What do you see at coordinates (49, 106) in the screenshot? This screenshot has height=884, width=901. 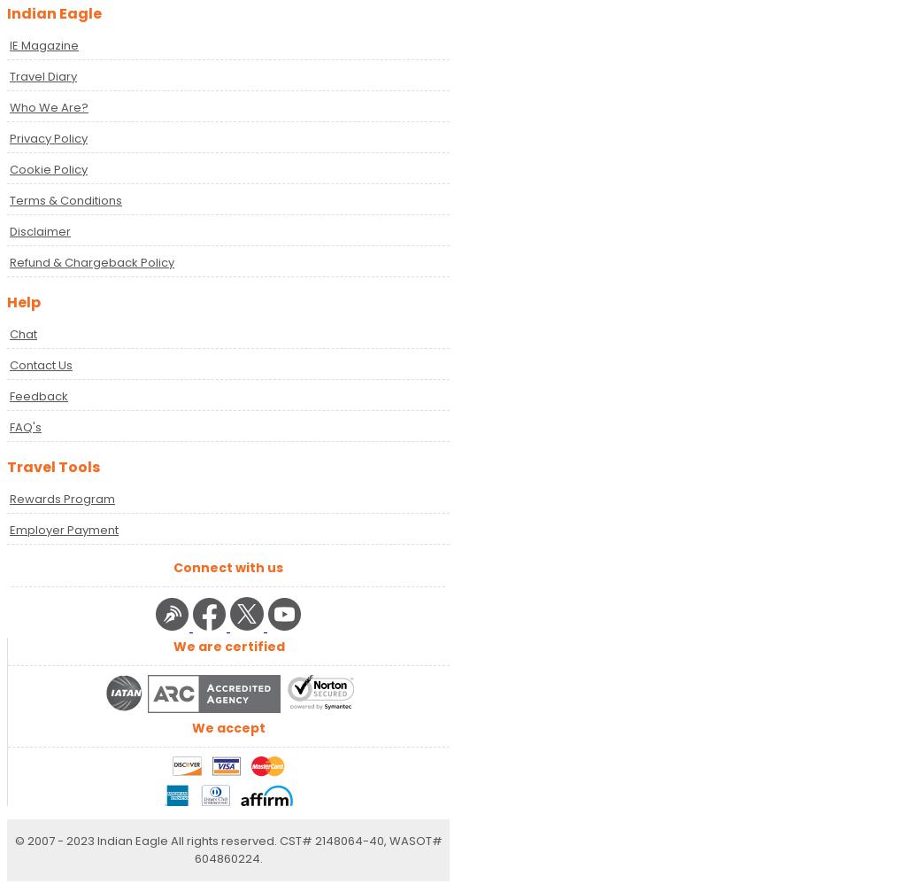 I see `'Who We Are?'` at bounding box center [49, 106].